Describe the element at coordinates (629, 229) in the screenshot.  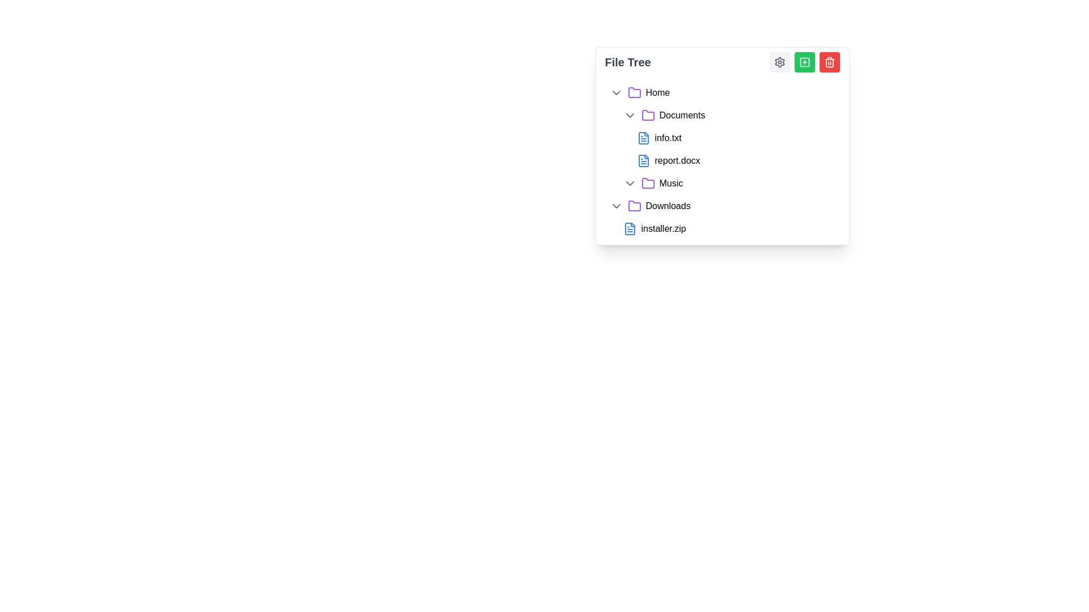
I see `the small blue document icon located to the left of the text 'installer.zip'` at that location.